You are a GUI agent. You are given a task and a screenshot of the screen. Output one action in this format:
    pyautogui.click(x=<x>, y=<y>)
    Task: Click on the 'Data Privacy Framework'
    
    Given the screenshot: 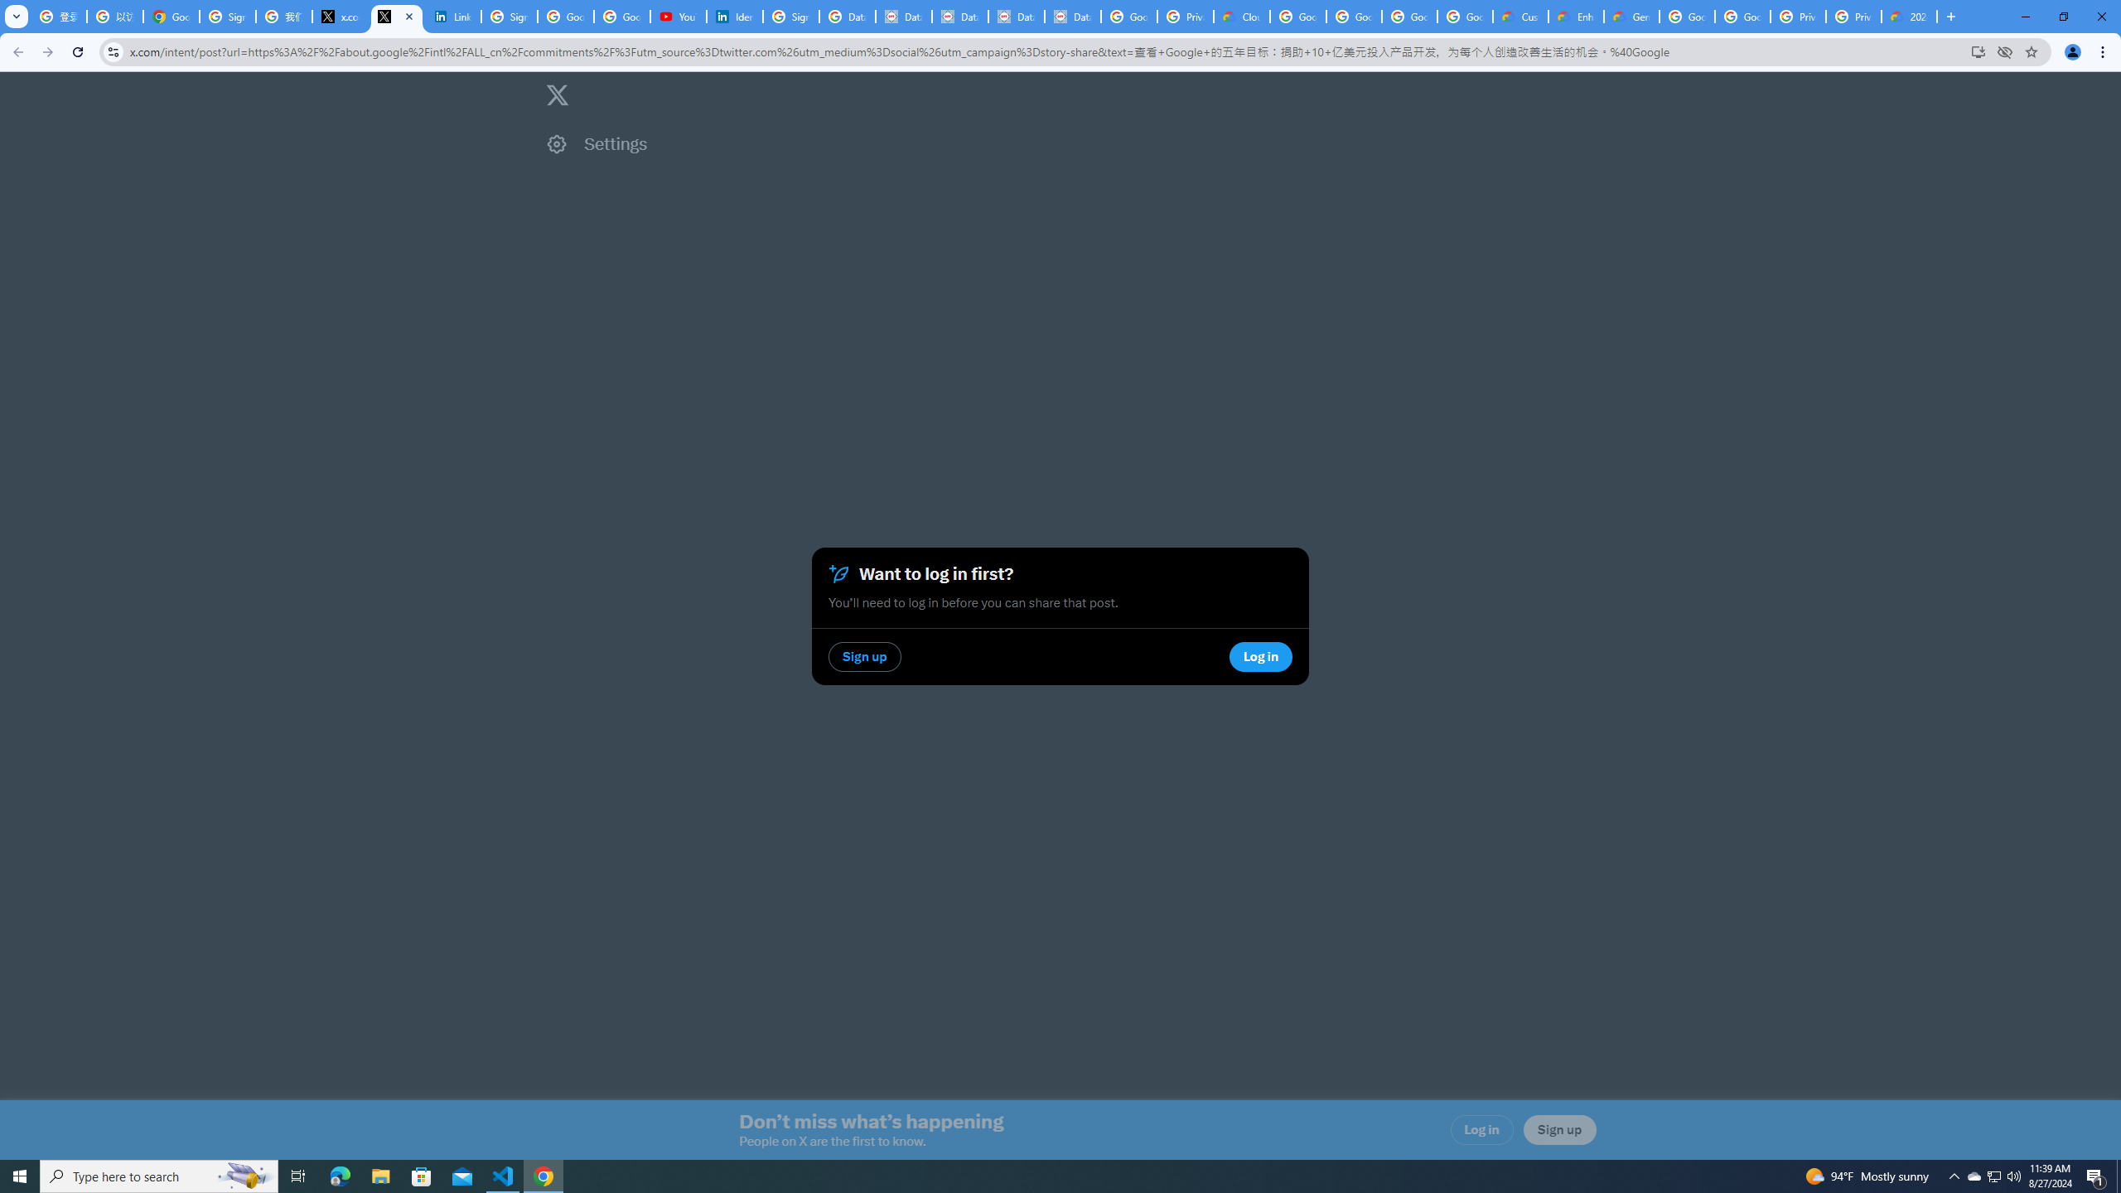 What is the action you would take?
    pyautogui.click(x=1016, y=16)
    